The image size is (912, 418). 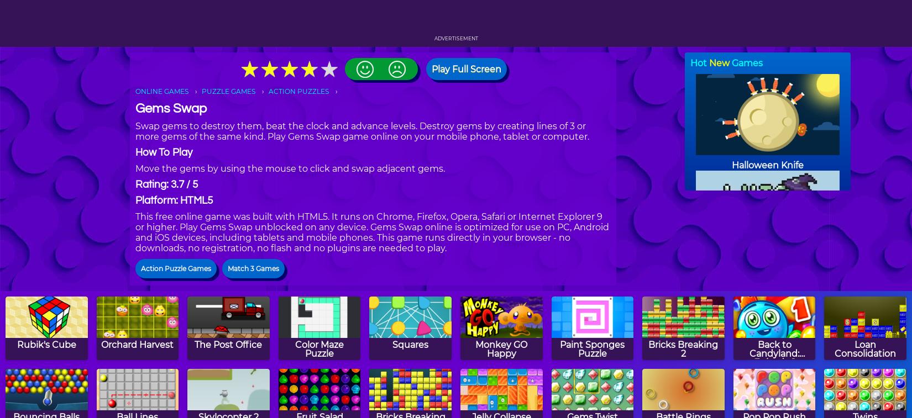 What do you see at coordinates (864, 349) in the screenshot?
I see `'Loan Consolidation'` at bounding box center [864, 349].